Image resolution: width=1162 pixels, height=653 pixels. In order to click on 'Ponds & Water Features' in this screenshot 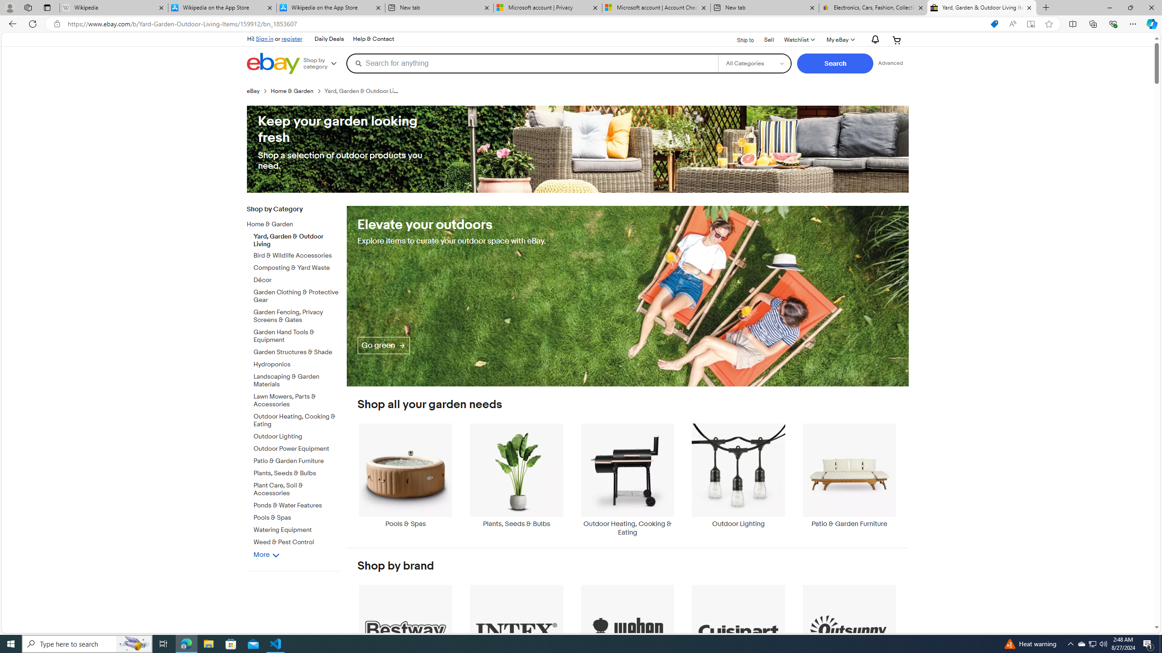, I will do `click(296, 505)`.